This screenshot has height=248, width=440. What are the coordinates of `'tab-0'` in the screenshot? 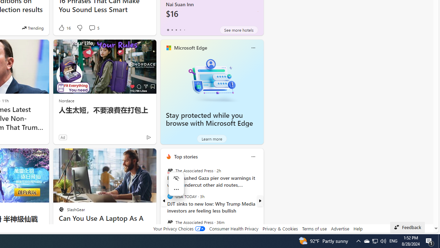 It's located at (168, 30).